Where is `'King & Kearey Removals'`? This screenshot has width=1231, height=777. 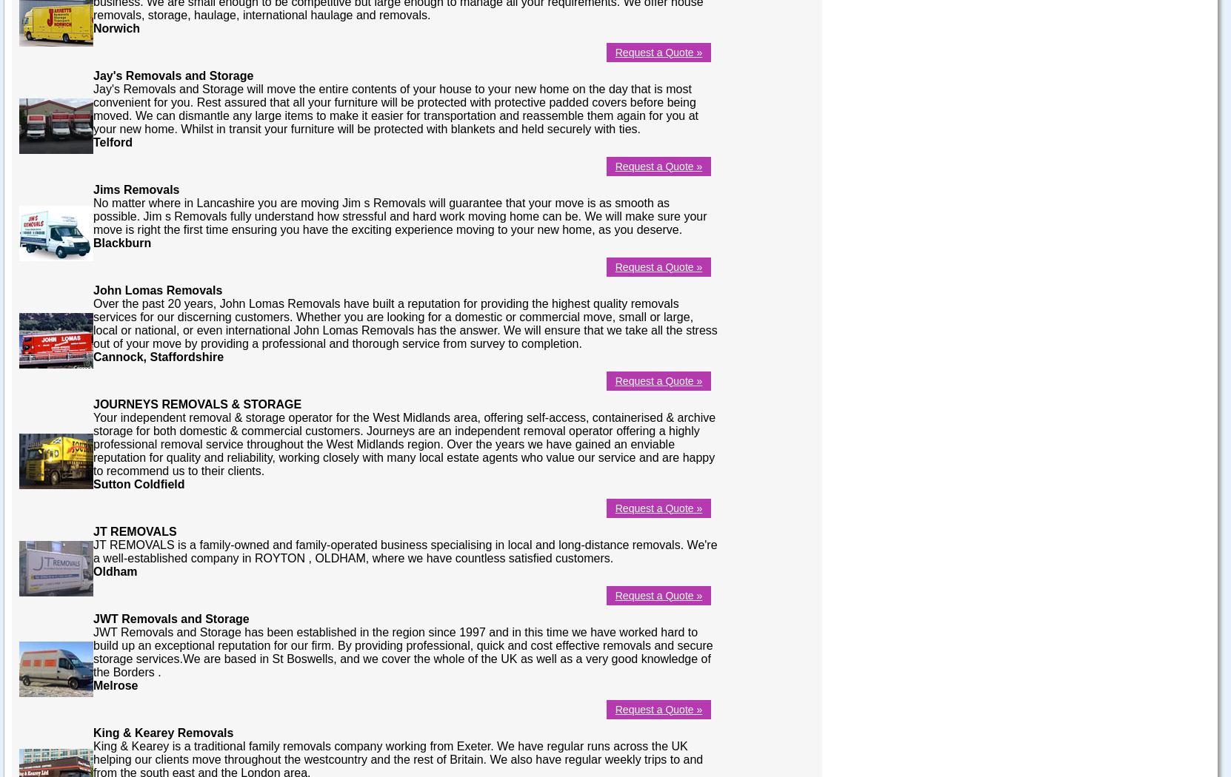
'King & Kearey Removals' is located at coordinates (162, 732).